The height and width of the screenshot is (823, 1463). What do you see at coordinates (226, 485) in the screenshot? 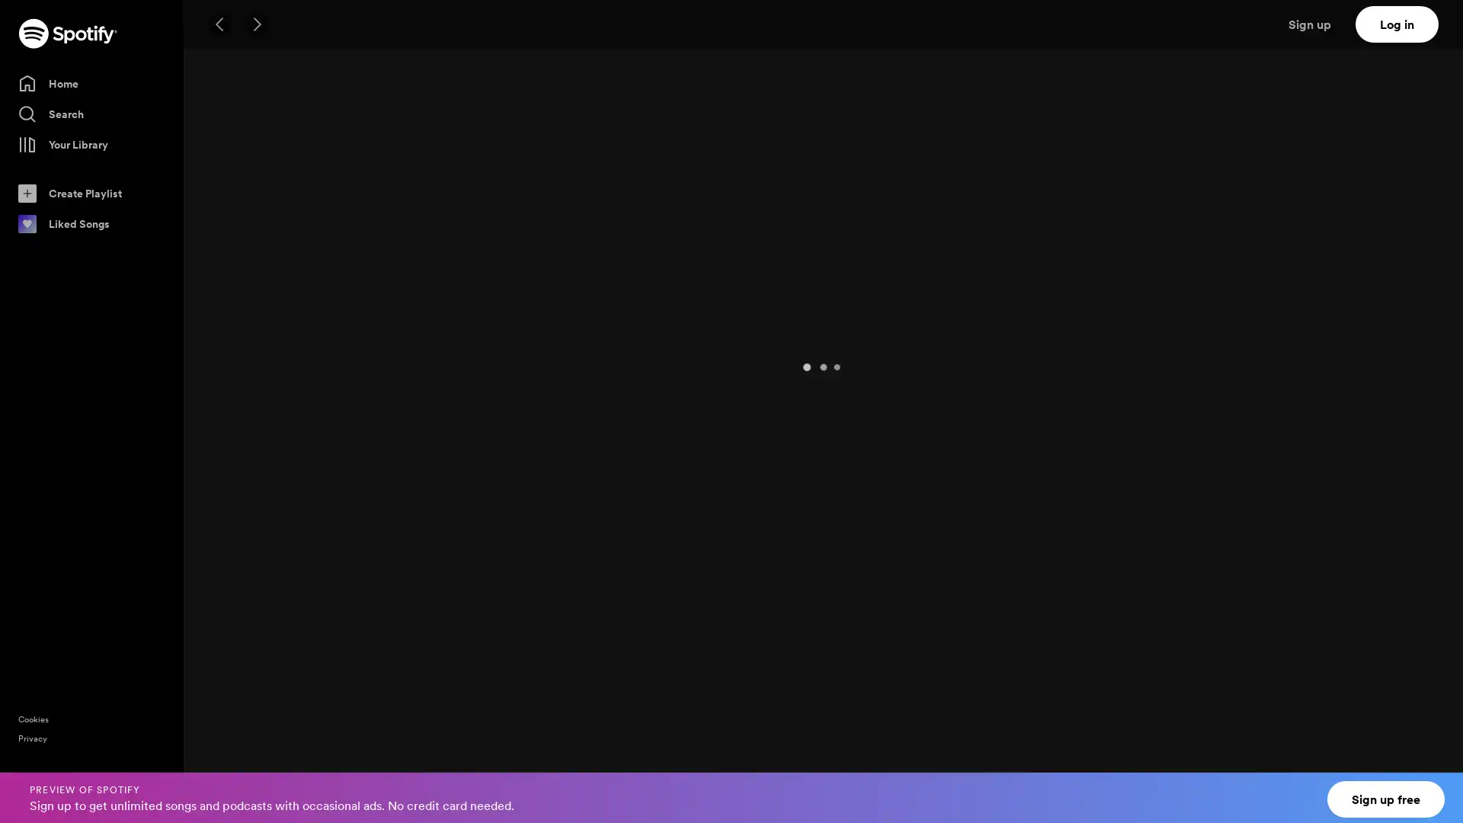
I see `Play Rain as Cure by White Ward` at bounding box center [226, 485].